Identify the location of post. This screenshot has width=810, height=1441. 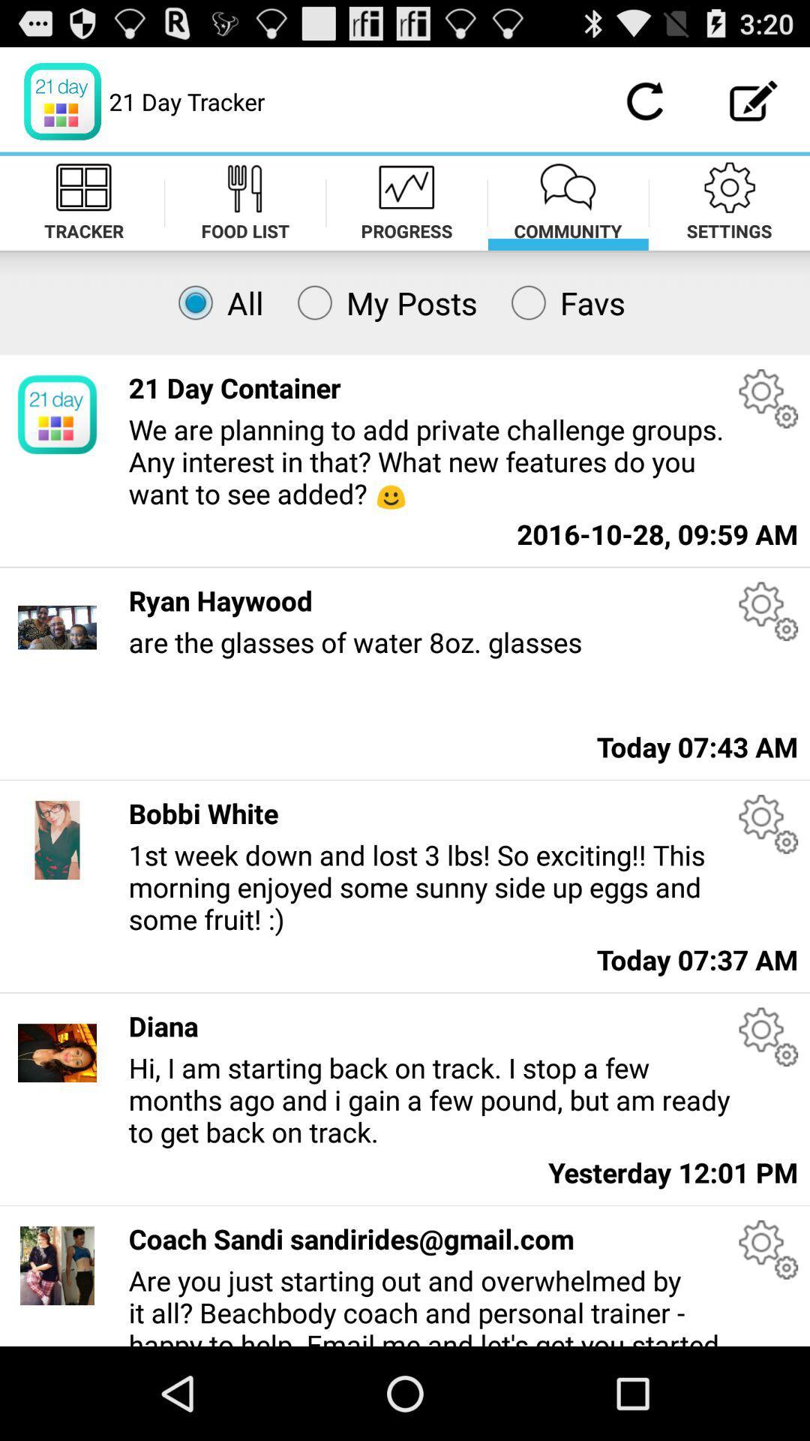
(754, 101).